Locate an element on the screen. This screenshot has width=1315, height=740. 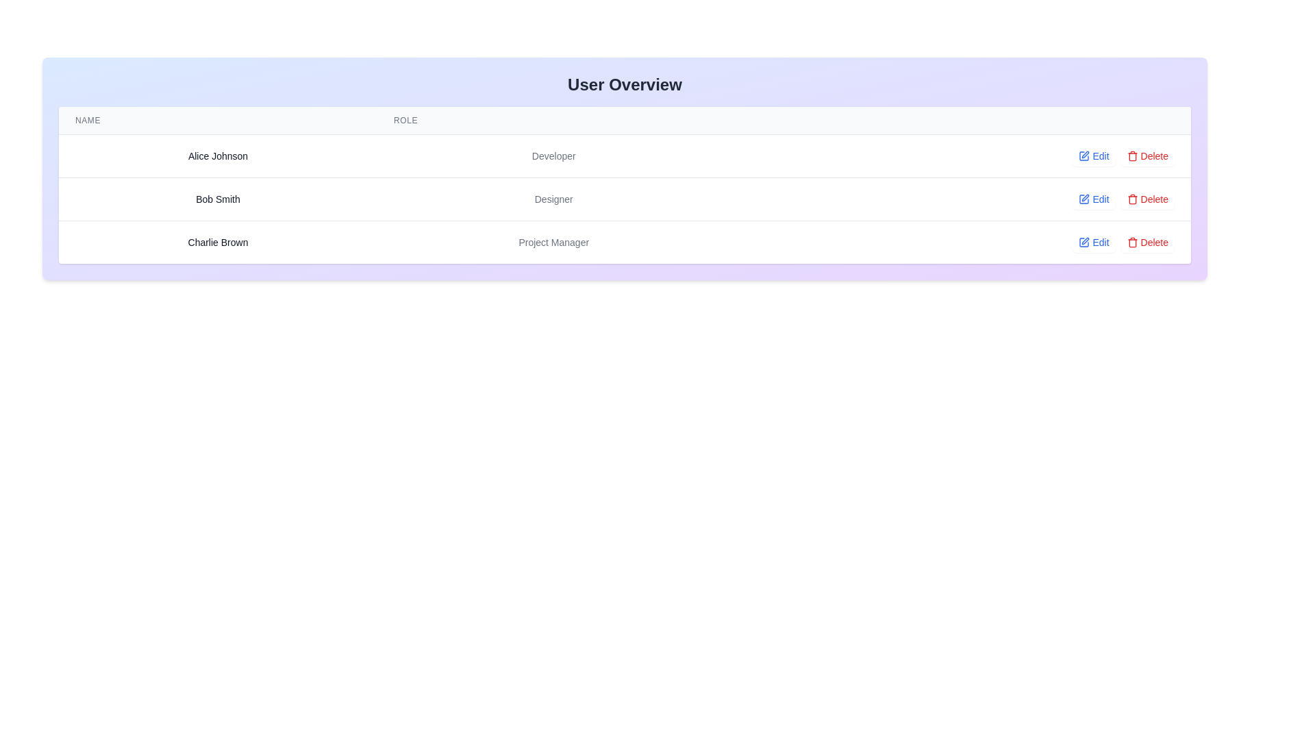
the 'Project Manager' text element located in the second cell of the third row in the table, which is in the 'Role' column and follows the 'Designer' entry is located at coordinates (553, 241).